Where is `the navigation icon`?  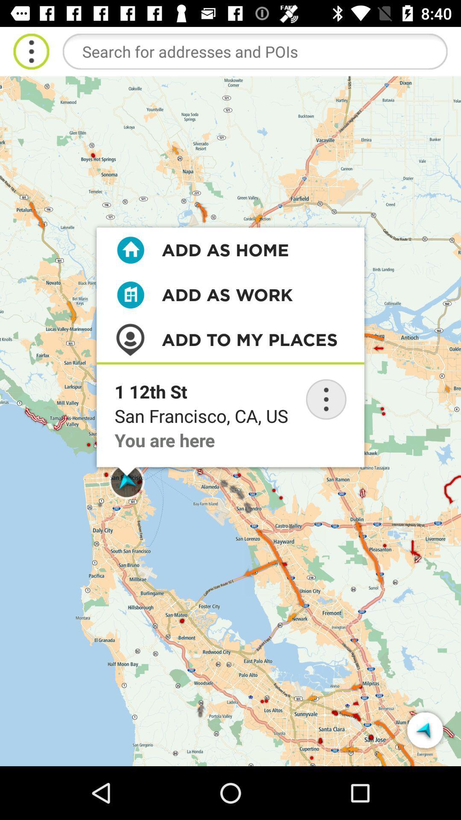 the navigation icon is located at coordinates (425, 729).